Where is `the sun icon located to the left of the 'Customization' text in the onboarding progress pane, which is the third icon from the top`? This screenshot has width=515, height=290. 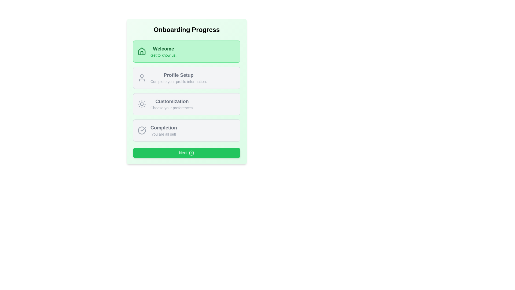 the sun icon located to the left of the 'Customization' text in the onboarding progress pane, which is the third icon from the top is located at coordinates (142, 104).